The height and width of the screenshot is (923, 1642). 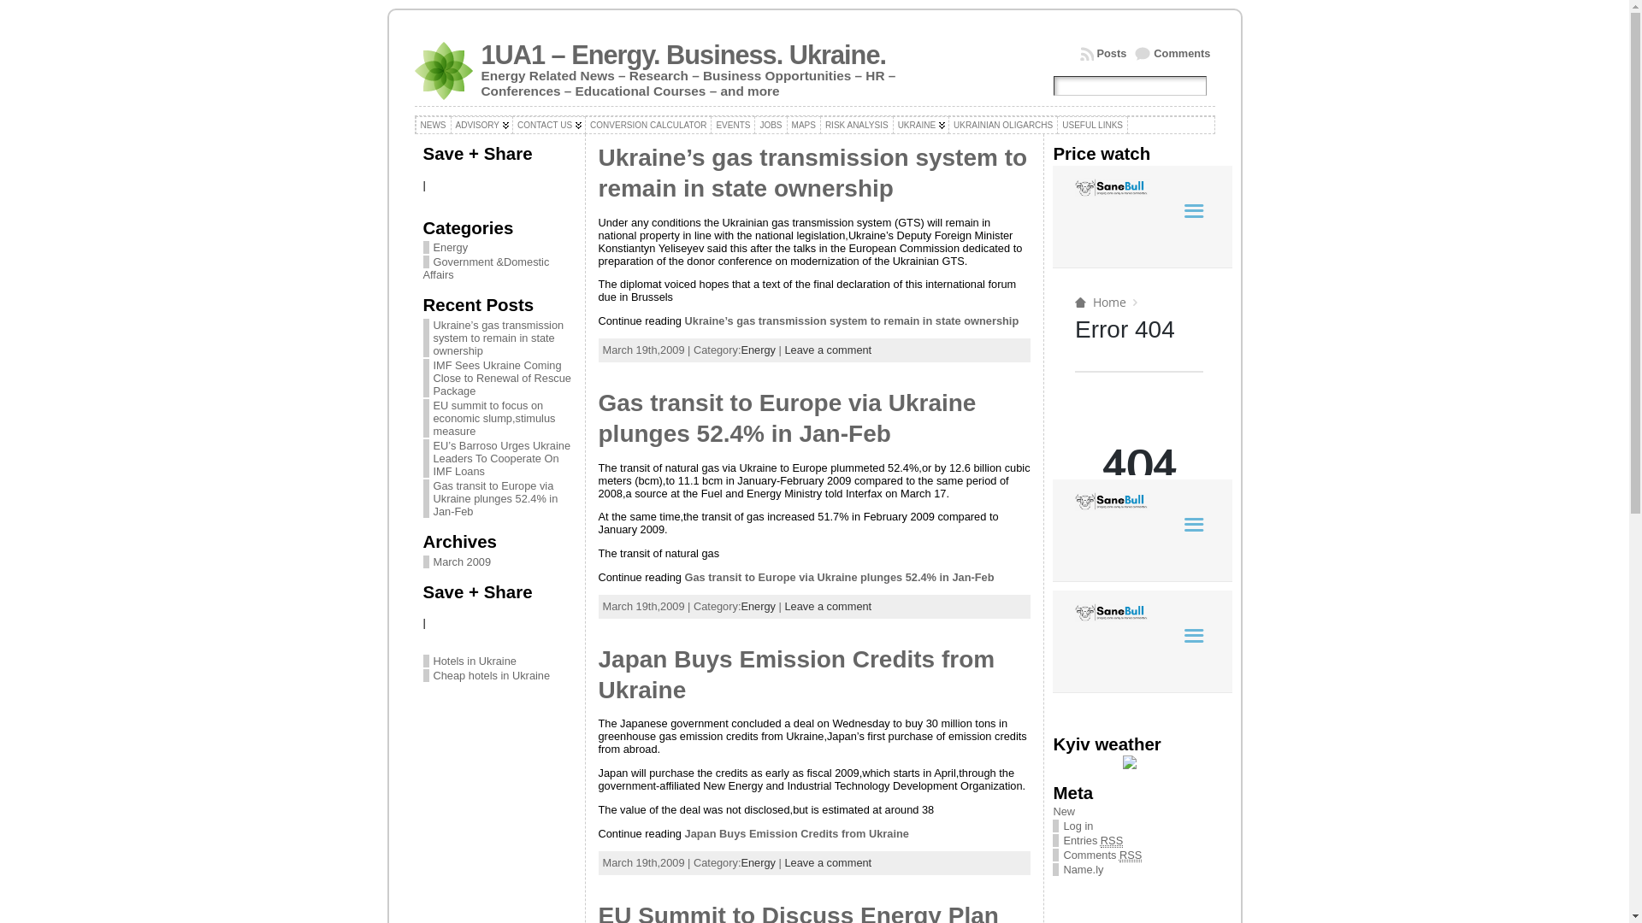 What do you see at coordinates (1062, 810) in the screenshot?
I see `'New'` at bounding box center [1062, 810].